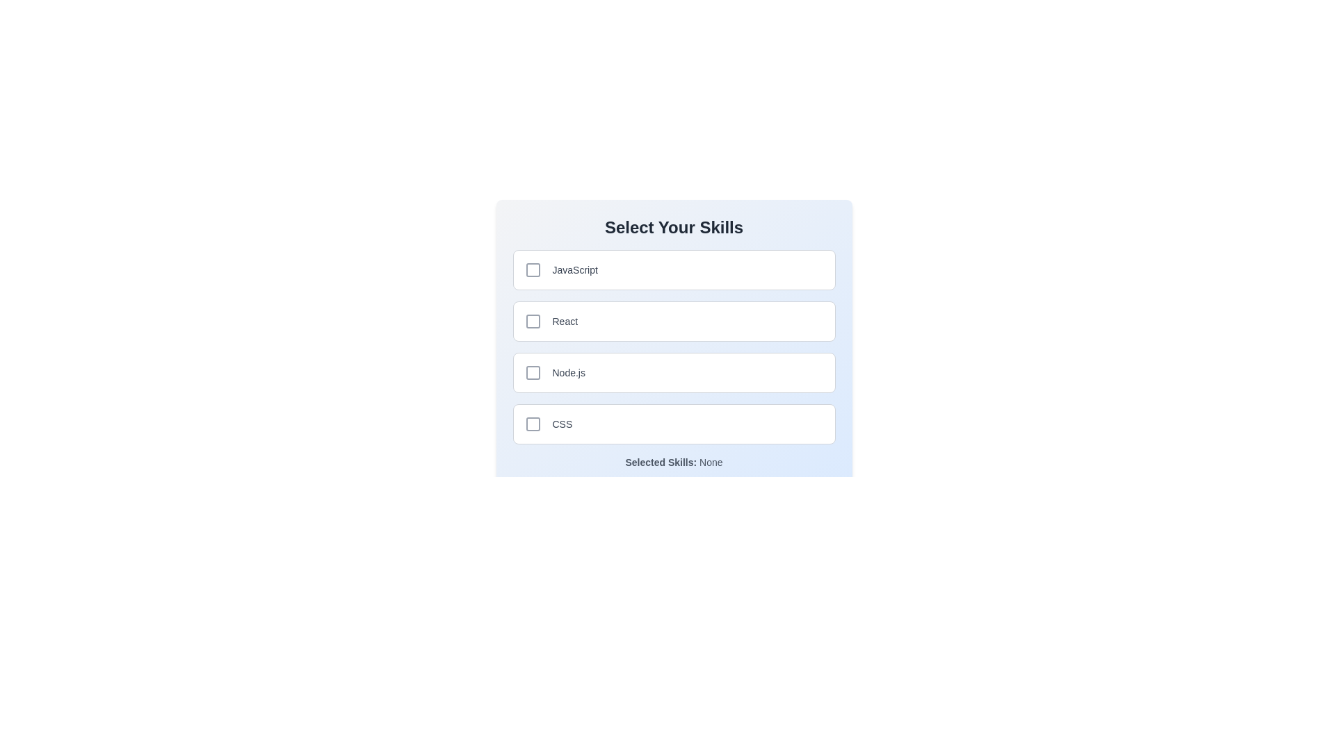  I want to click on the checkbox labeled 'JavaScript', which is the first item in the vertical list of selection options, so click(674, 270).